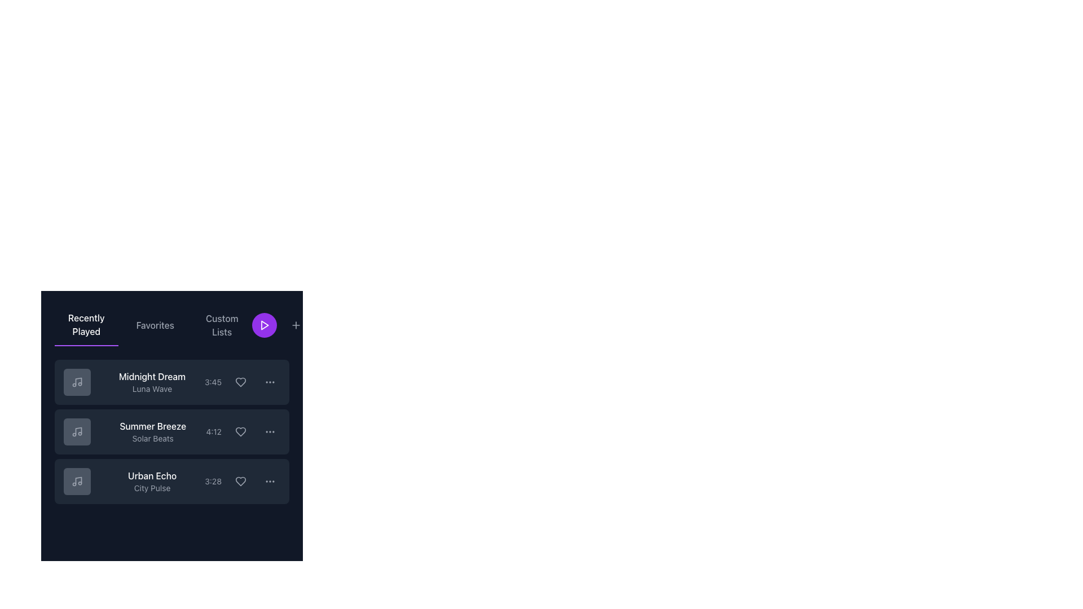 Image resolution: width=1083 pixels, height=609 pixels. What do you see at coordinates (171, 431) in the screenshot?
I see `the second track 'Summer Breeze' in the 'Recently Played' section` at bounding box center [171, 431].